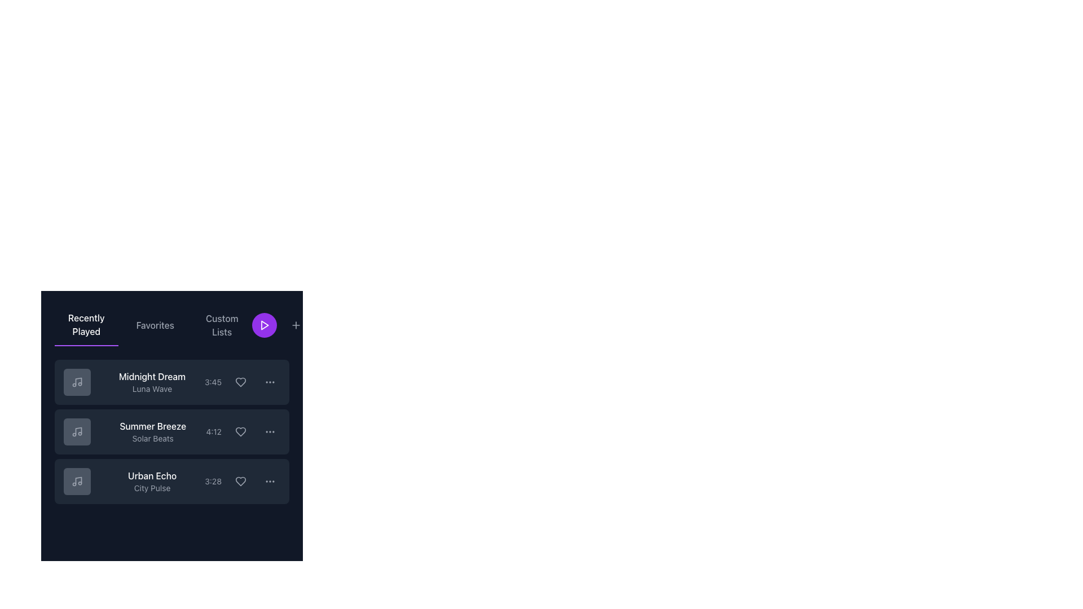 Image resolution: width=1083 pixels, height=609 pixels. What do you see at coordinates (171, 431) in the screenshot?
I see `the second track 'Summer Breeze' in the 'Recently Played' section` at bounding box center [171, 431].